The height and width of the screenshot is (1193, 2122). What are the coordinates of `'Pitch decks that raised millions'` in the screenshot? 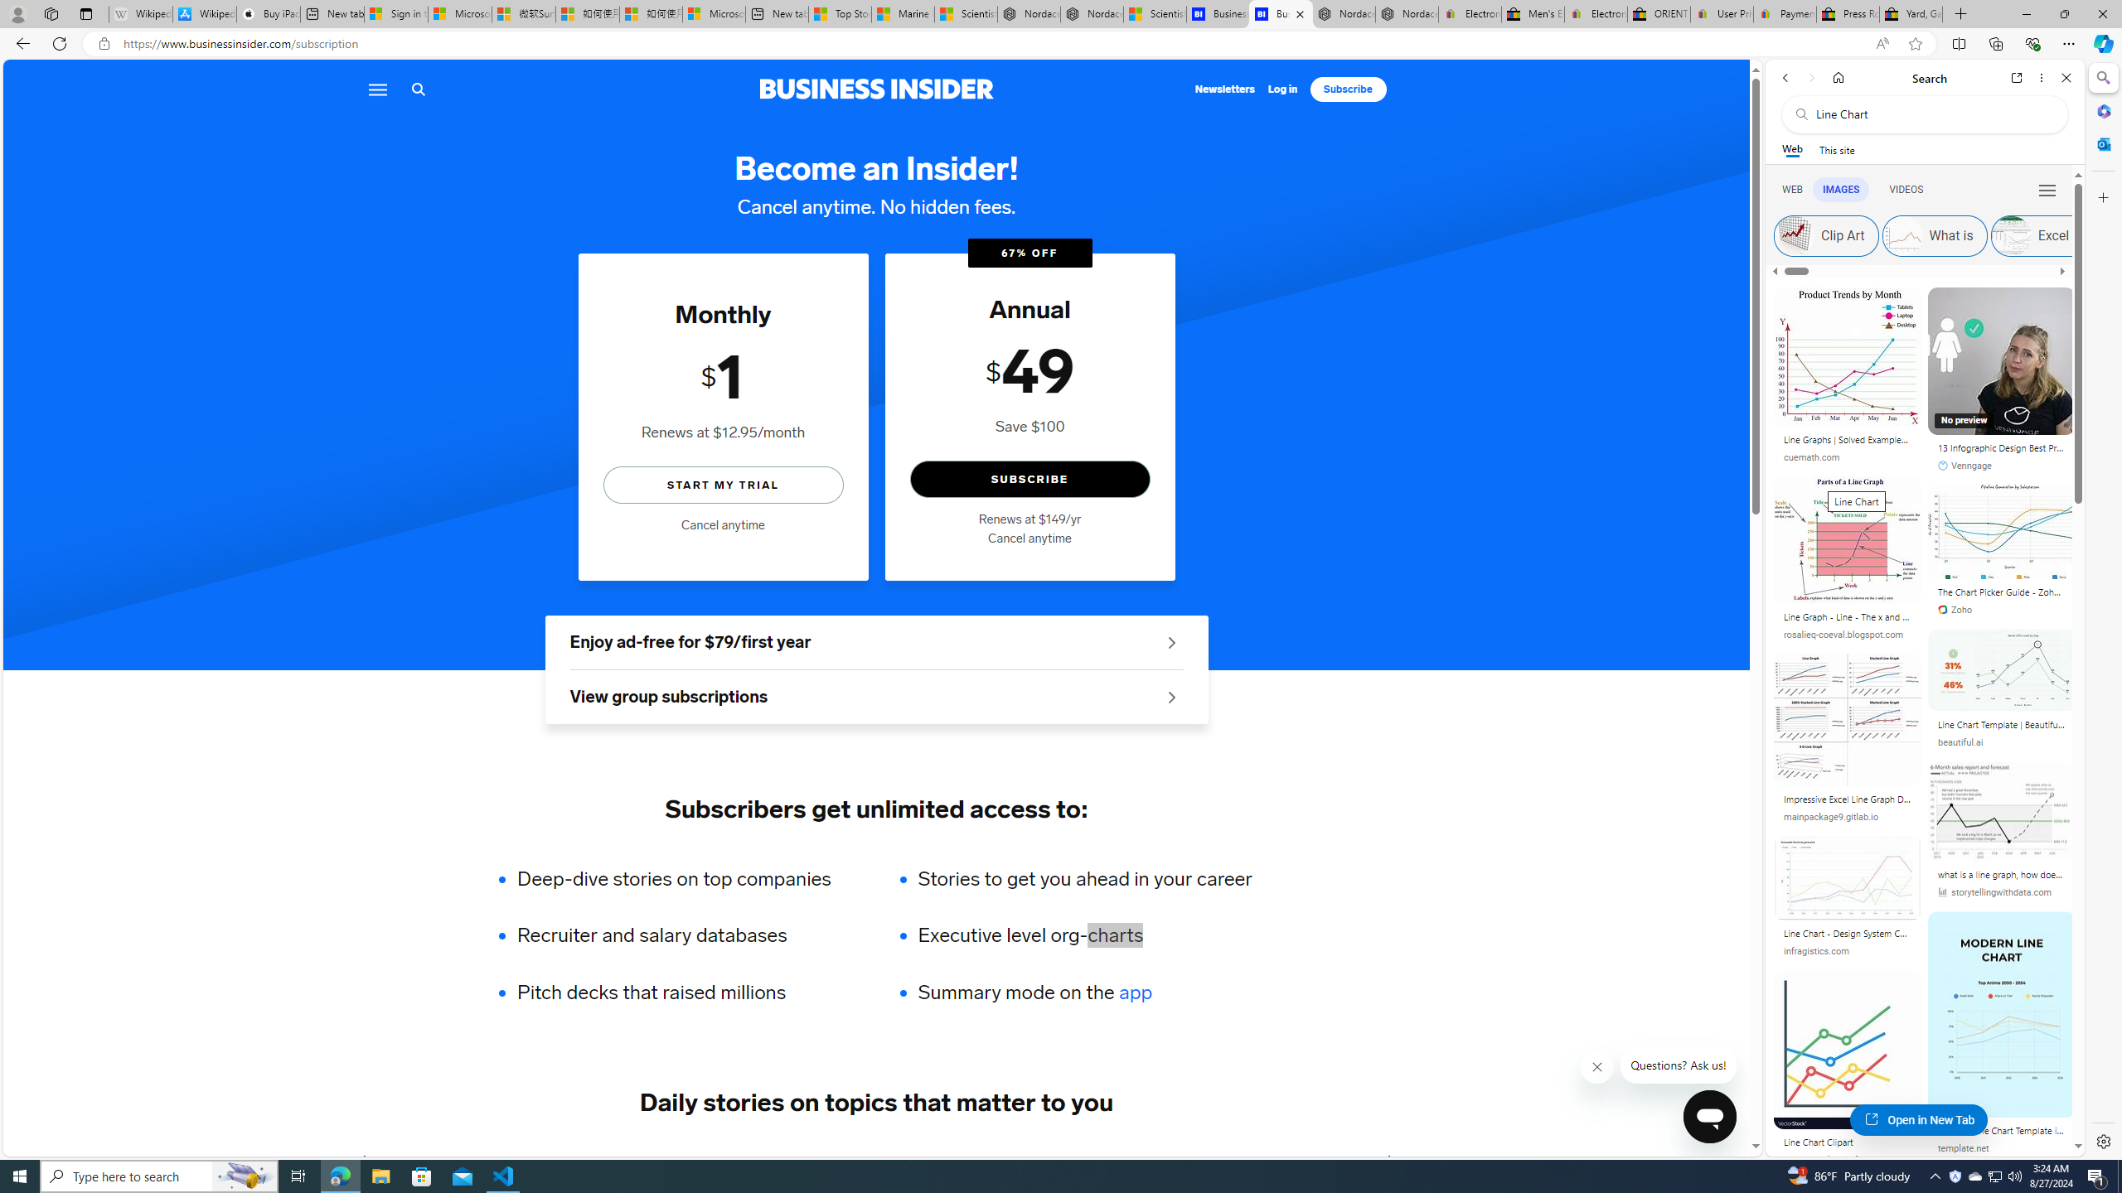 It's located at (685, 993).